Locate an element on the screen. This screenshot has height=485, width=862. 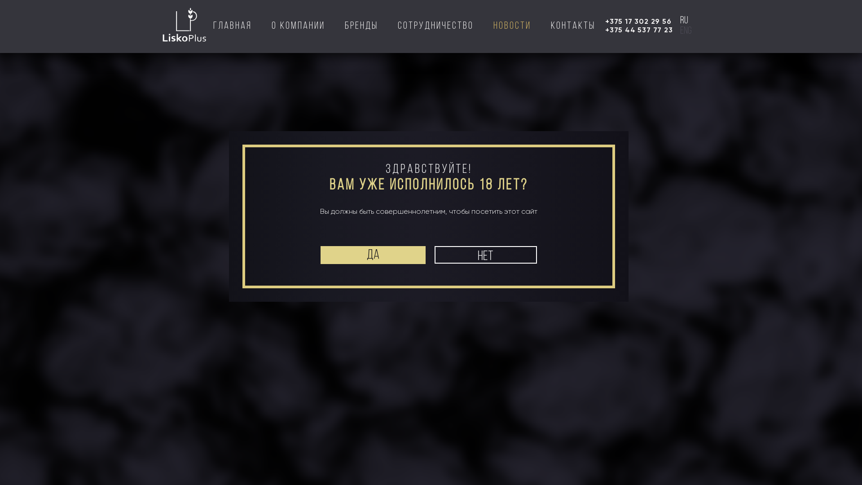
'+375 44 537 77 23' is located at coordinates (638, 29).